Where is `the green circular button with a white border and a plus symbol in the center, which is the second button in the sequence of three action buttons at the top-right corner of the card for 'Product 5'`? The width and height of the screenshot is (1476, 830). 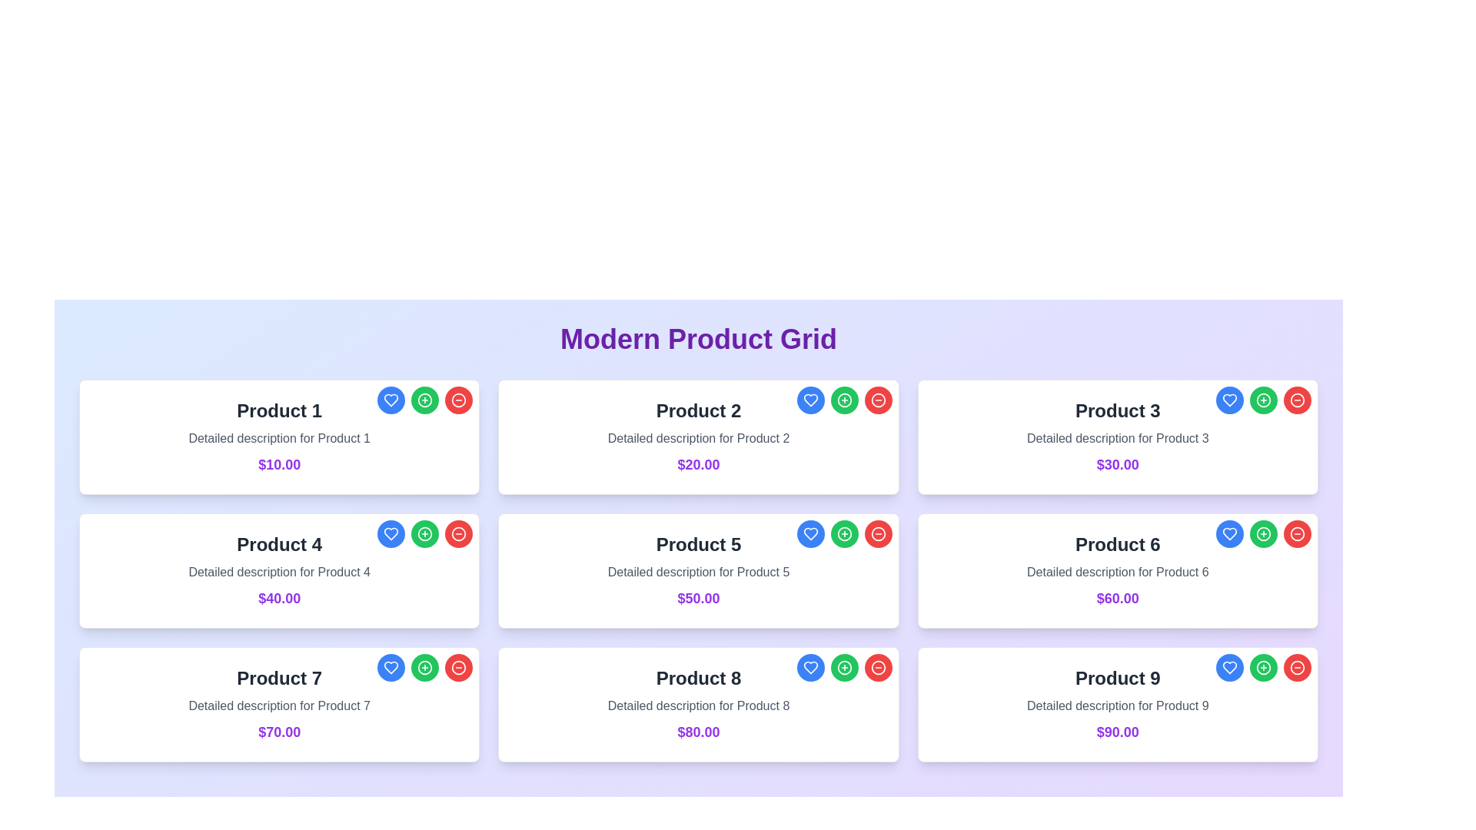
the green circular button with a white border and a plus symbol in the center, which is the second button in the sequence of three action buttons at the top-right corner of the card for 'Product 5' is located at coordinates (843, 533).